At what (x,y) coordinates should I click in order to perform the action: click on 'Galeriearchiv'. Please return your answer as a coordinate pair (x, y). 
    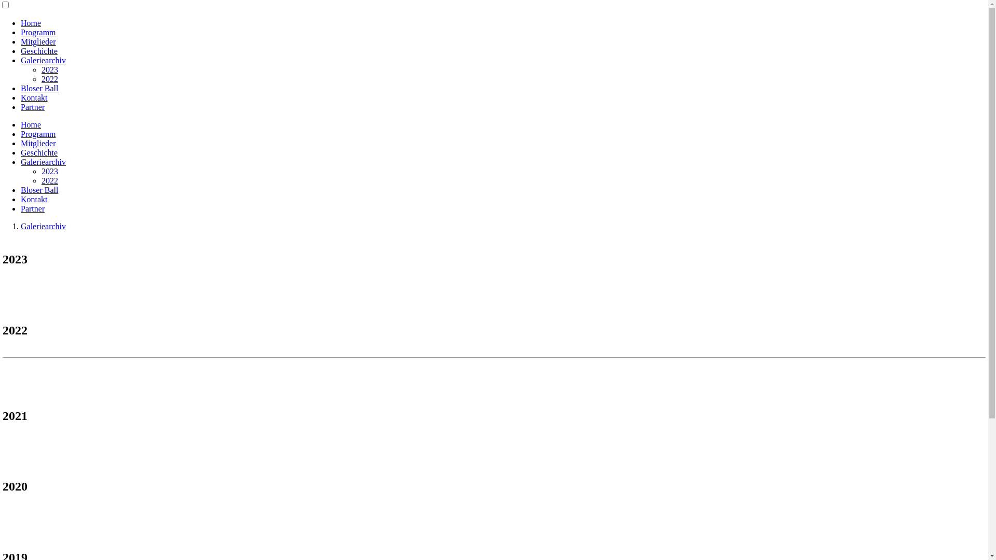
    Looking at the image, I should click on (43, 162).